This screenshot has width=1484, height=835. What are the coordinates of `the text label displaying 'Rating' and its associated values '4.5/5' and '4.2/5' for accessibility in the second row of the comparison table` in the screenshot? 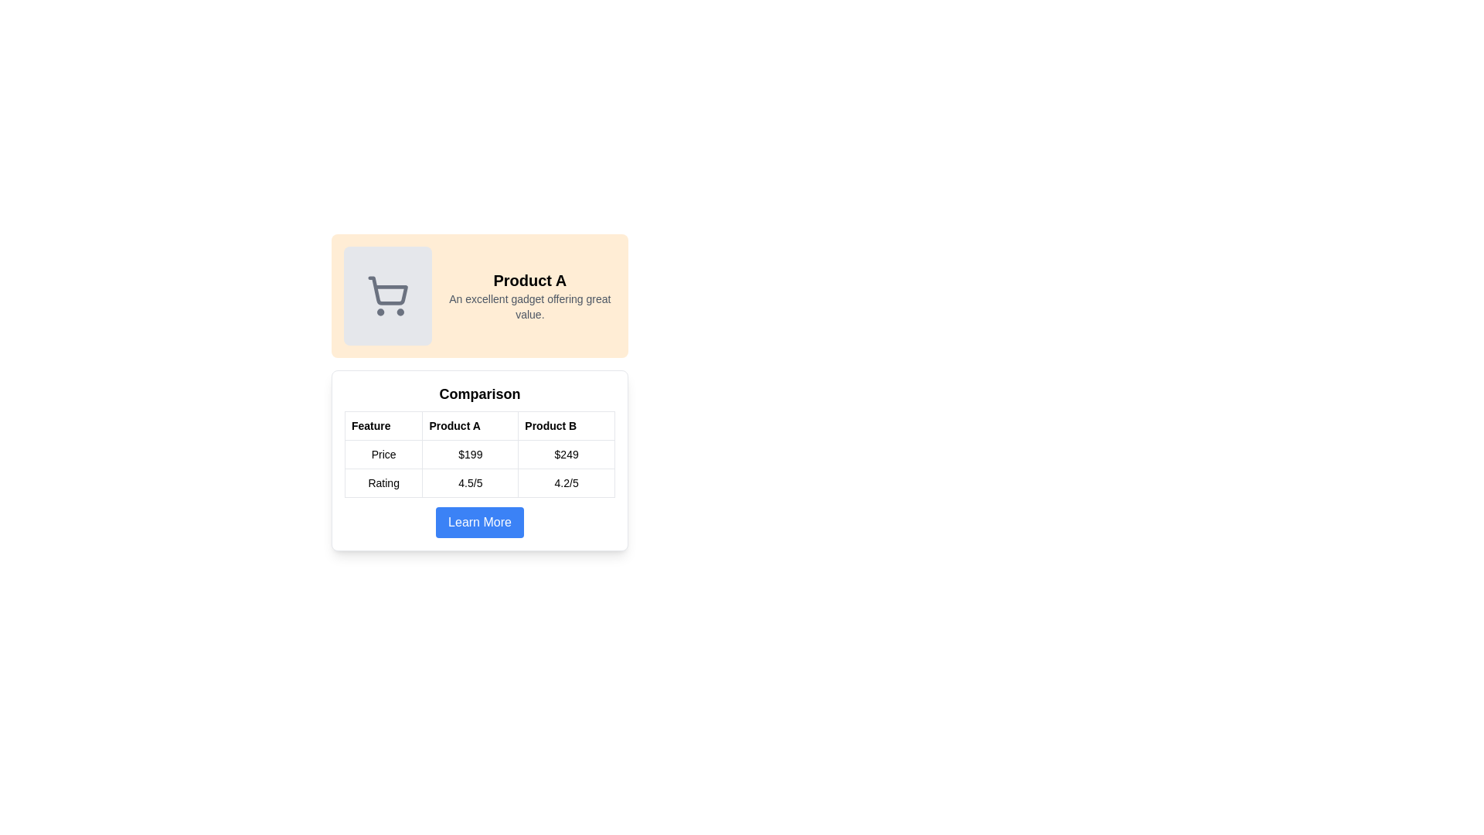 It's located at (478, 482).